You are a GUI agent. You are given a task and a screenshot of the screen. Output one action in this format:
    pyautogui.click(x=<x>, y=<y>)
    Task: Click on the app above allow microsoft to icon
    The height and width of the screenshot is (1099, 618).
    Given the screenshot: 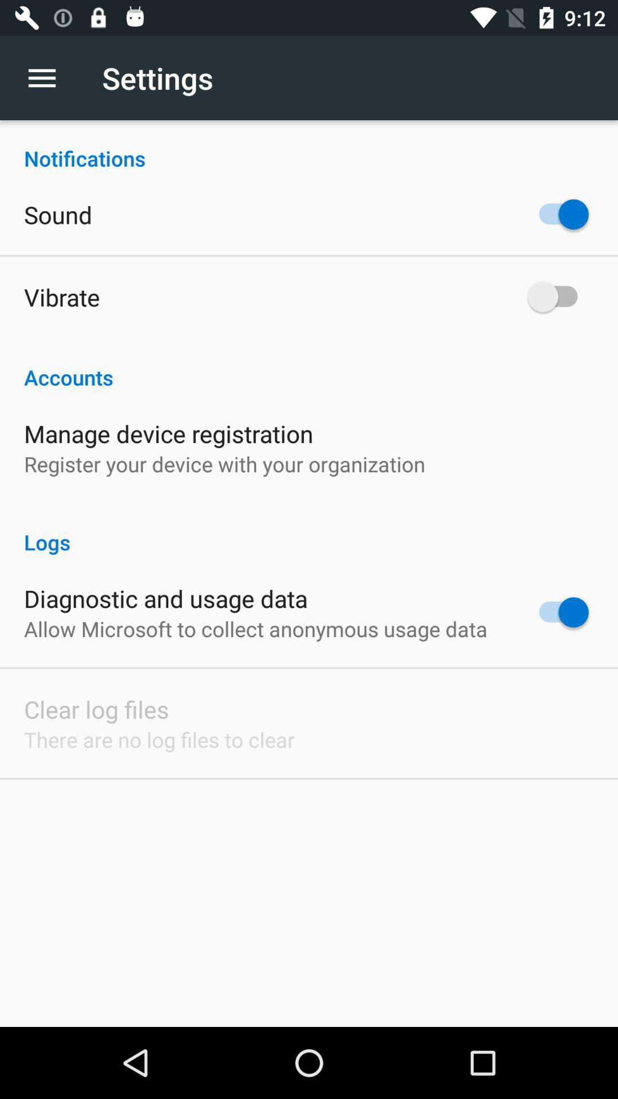 What is the action you would take?
    pyautogui.click(x=165, y=598)
    